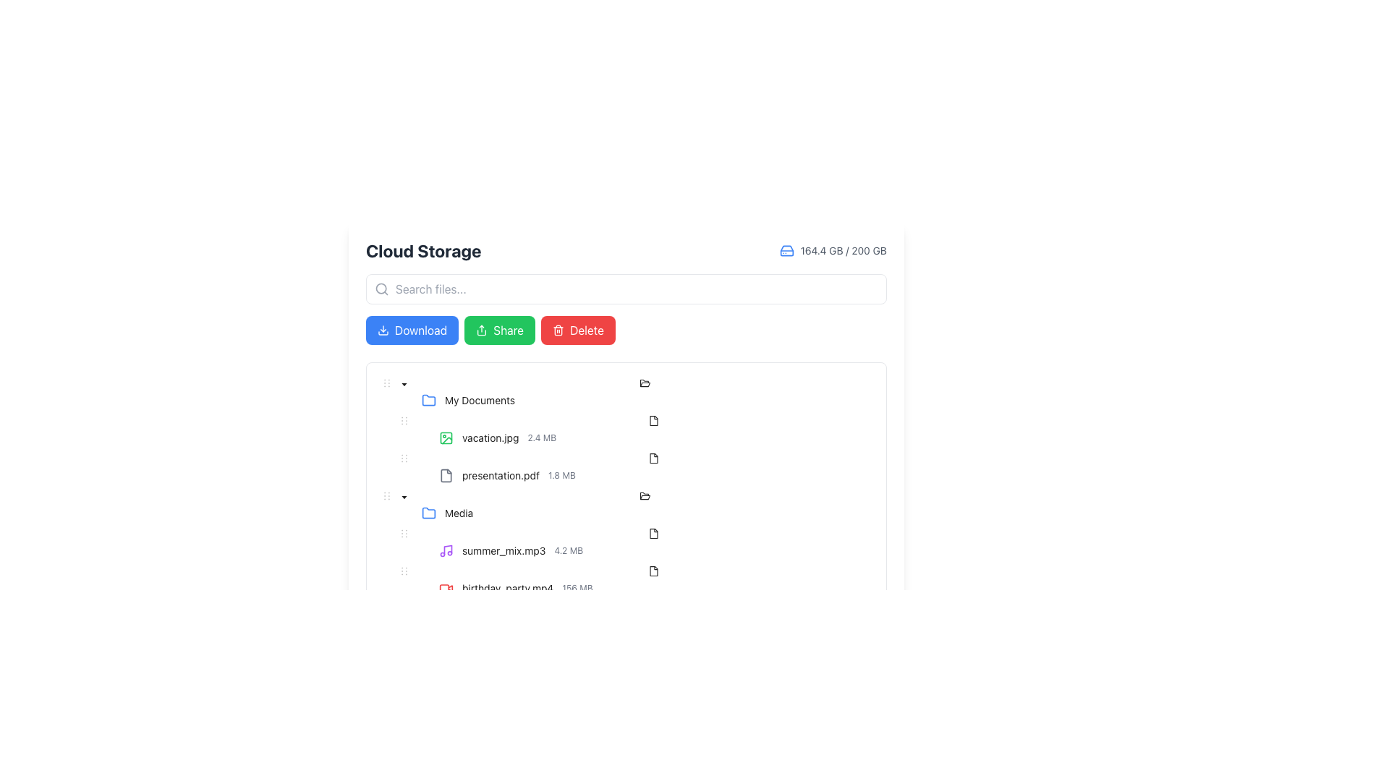 This screenshot has height=781, width=1389. I want to click on the file entry row displaying 'vacation.jpg' with a size of '2.4 MB' in the list under 'My Documents', so click(626, 429).